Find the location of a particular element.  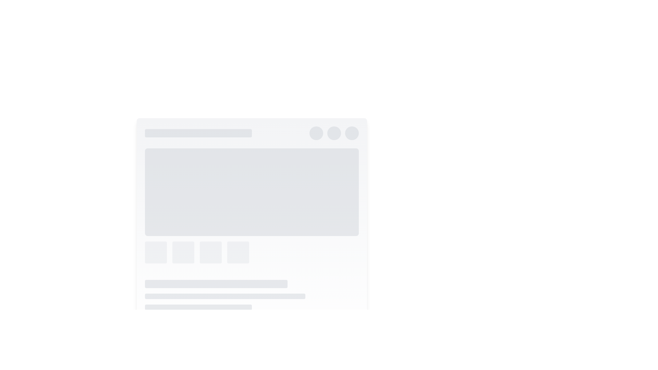

the third decorative placeholder element in a group of four at the bottom-center of the interface is located at coordinates (210, 252).